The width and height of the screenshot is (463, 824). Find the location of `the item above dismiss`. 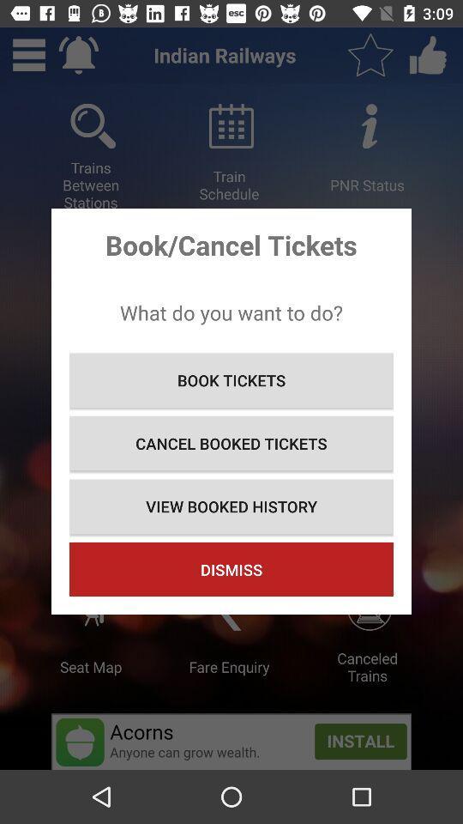

the item above dismiss is located at coordinates (231, 506).